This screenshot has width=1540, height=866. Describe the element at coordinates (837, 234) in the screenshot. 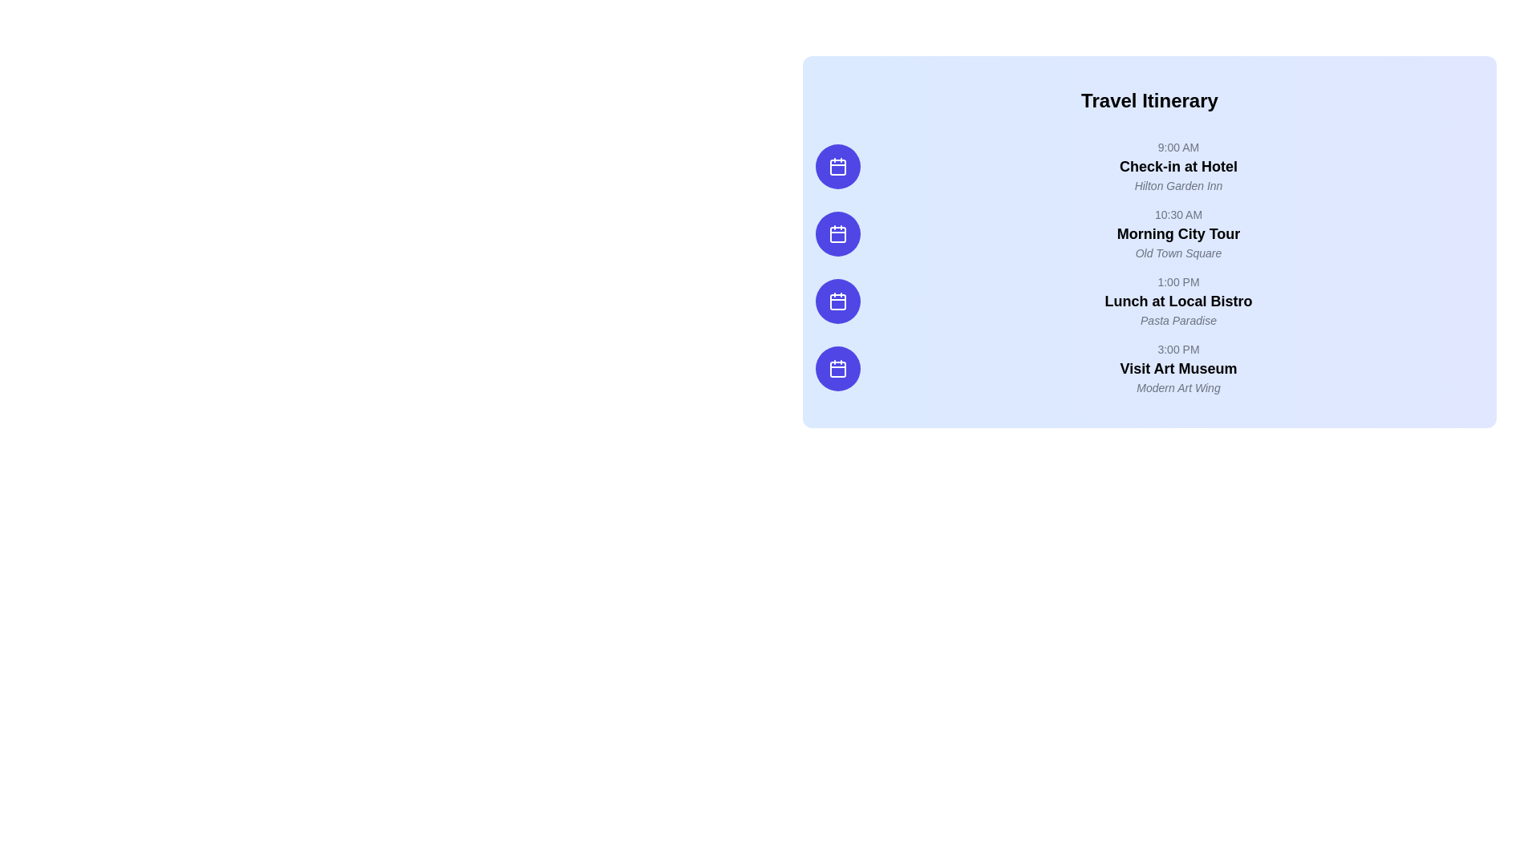

I see `the circular button with a purple background and white calendar icon, which is the second button in a vertical sequence of four buttons in the 'Travel Itinerary' section` at that location.